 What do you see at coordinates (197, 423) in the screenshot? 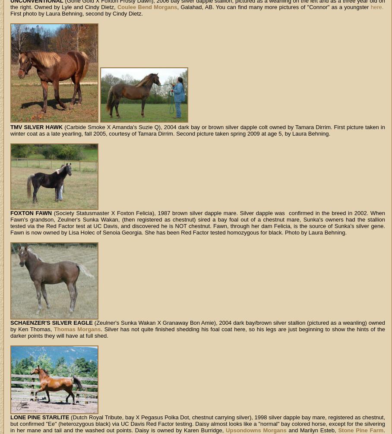
I see `'(Dutch Royal Tribute, bay X Pegasus Polka Dot, chestnut carrying silver), 
1998 silver dapple bay mare, registered as chestnut, but confirmed "Ee" (heterozygous black)  via UC 
Davis Red Factor testing. Daisy almost looks like a "normal" bay colored horse, 
except for the silvering in her mane and tail and the washed out points. Daisy 
is owned by Karen Burridge,'` at bounding box center [197, 423].